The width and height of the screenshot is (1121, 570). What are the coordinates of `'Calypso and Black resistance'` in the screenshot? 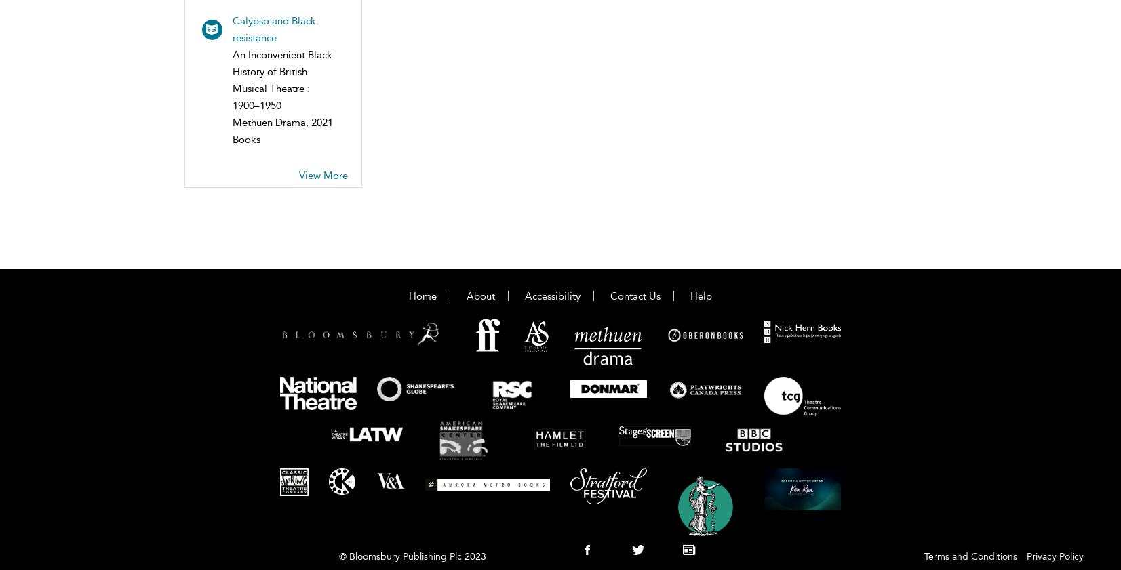 It's located at (231, 28).